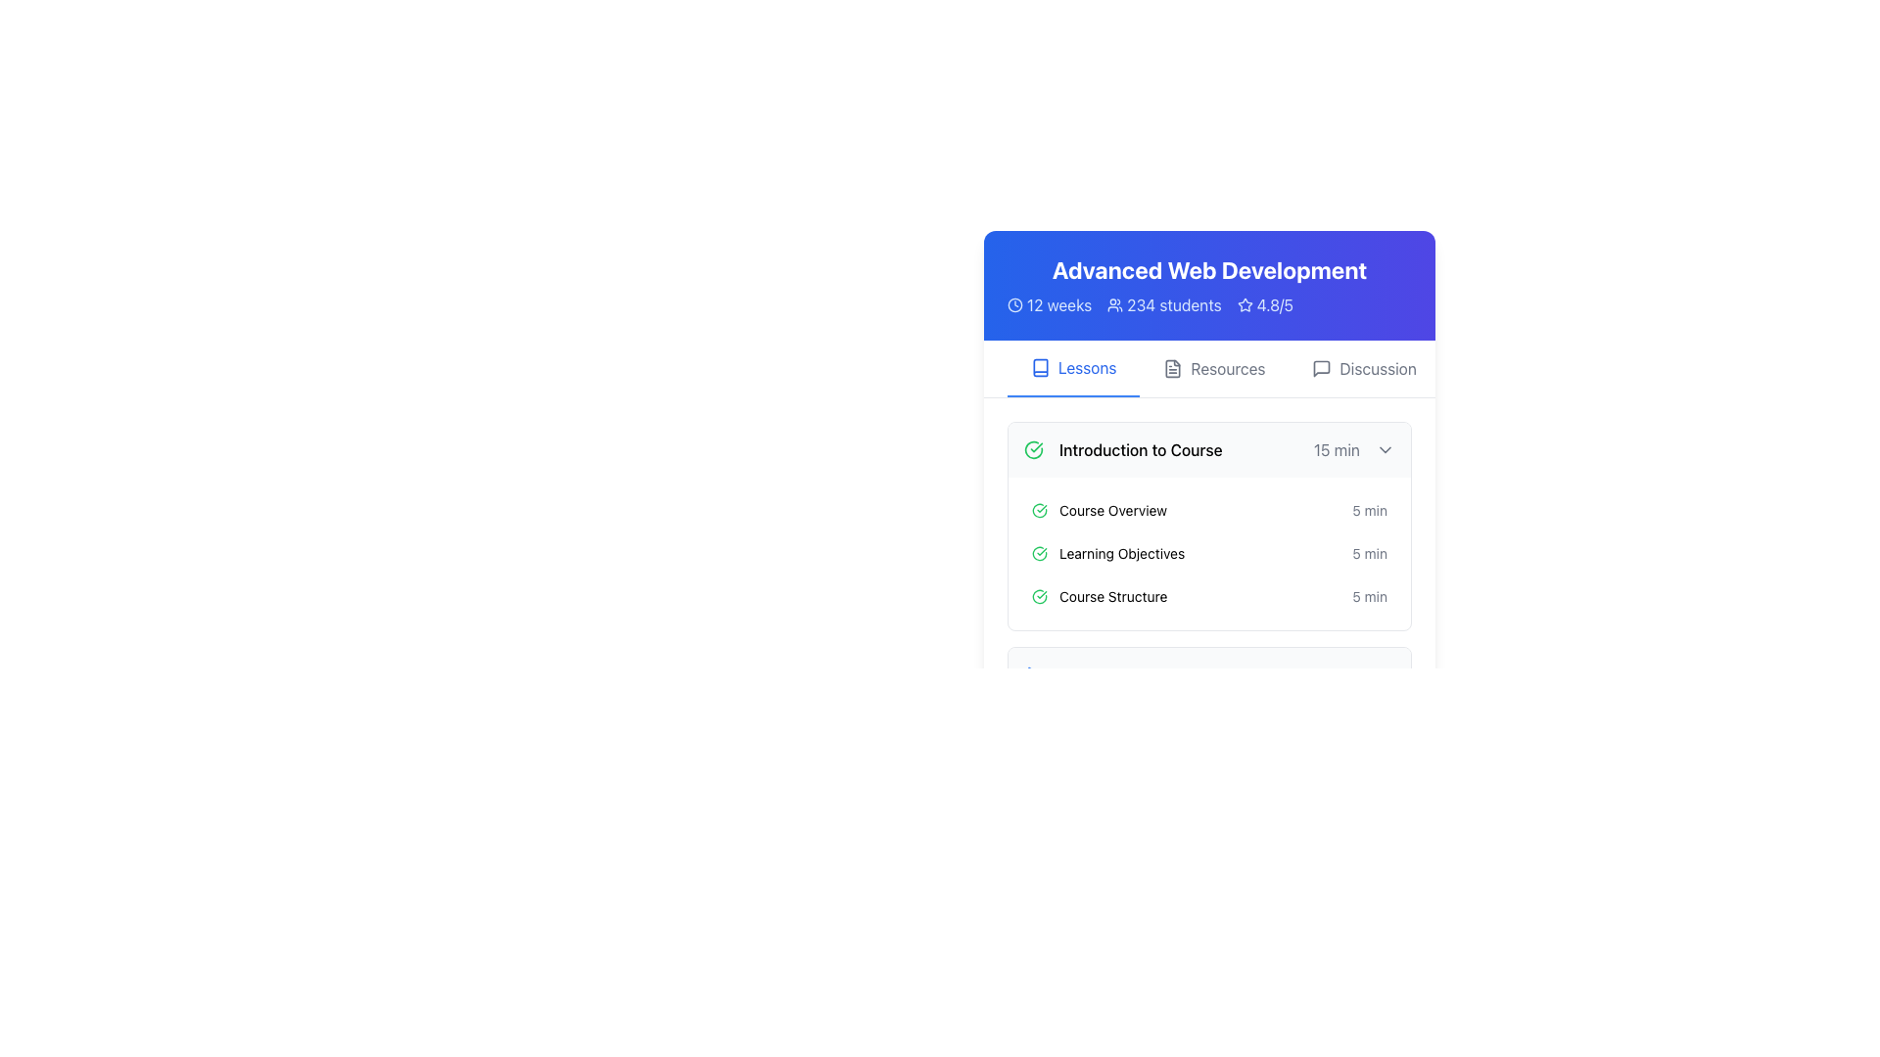  Describe the element at coordinates (1226, 369) in the screenshot. I see `the 'Resources' text label in the navigation bar` at that location.